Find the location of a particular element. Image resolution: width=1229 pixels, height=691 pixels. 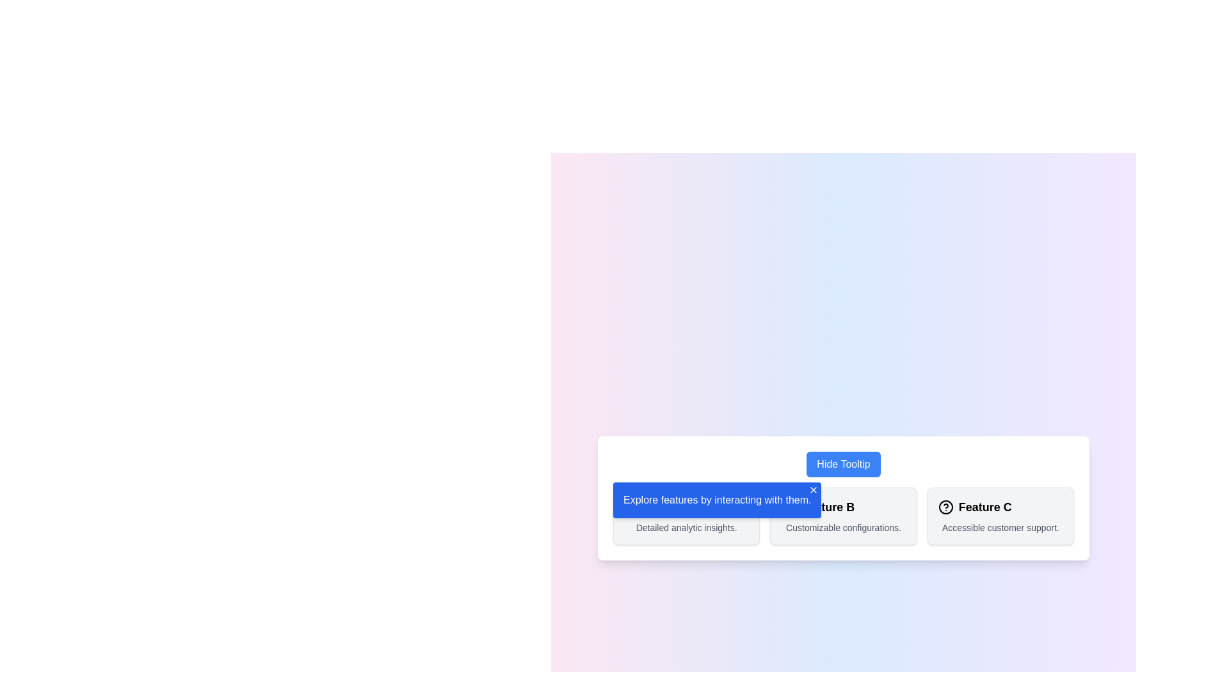

the 'Hide Tooltip' button is located at coordinates (844, 464).